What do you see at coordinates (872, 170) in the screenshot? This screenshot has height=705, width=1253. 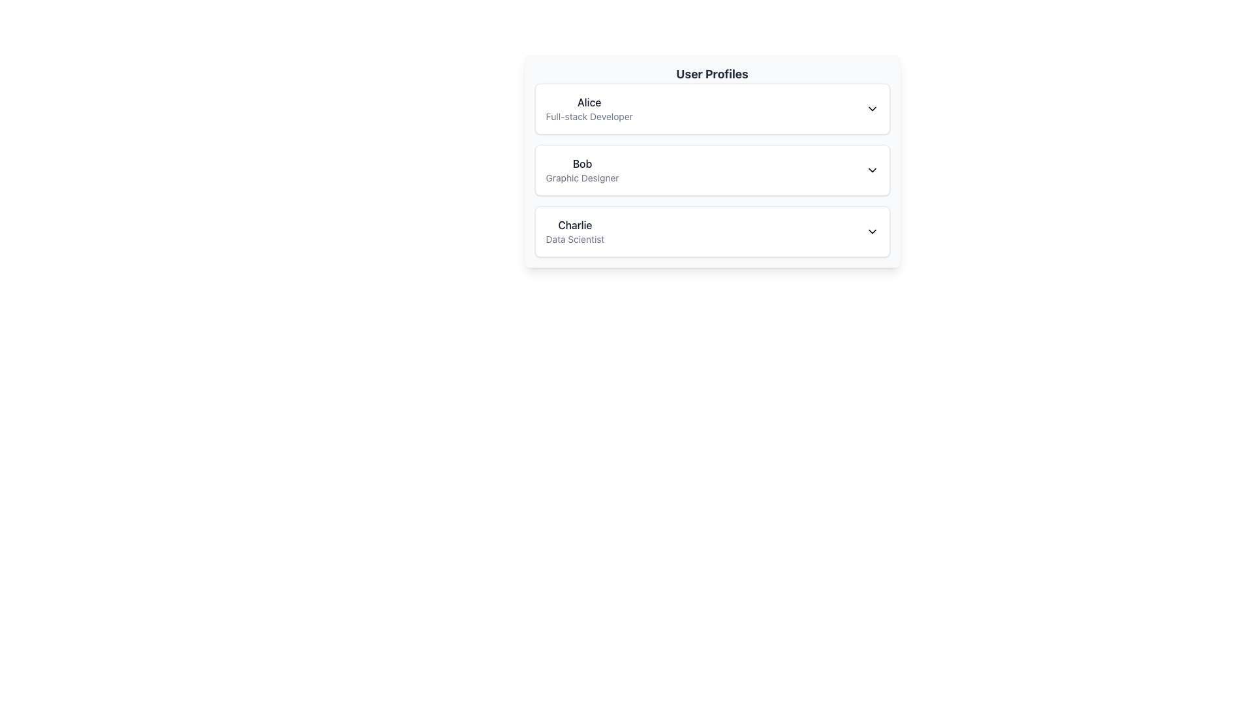 I see `the downward-facing chevron icon in the profile section for 'Bob', who is a 'Graphic Designer'` at bounding box center [872, 170].